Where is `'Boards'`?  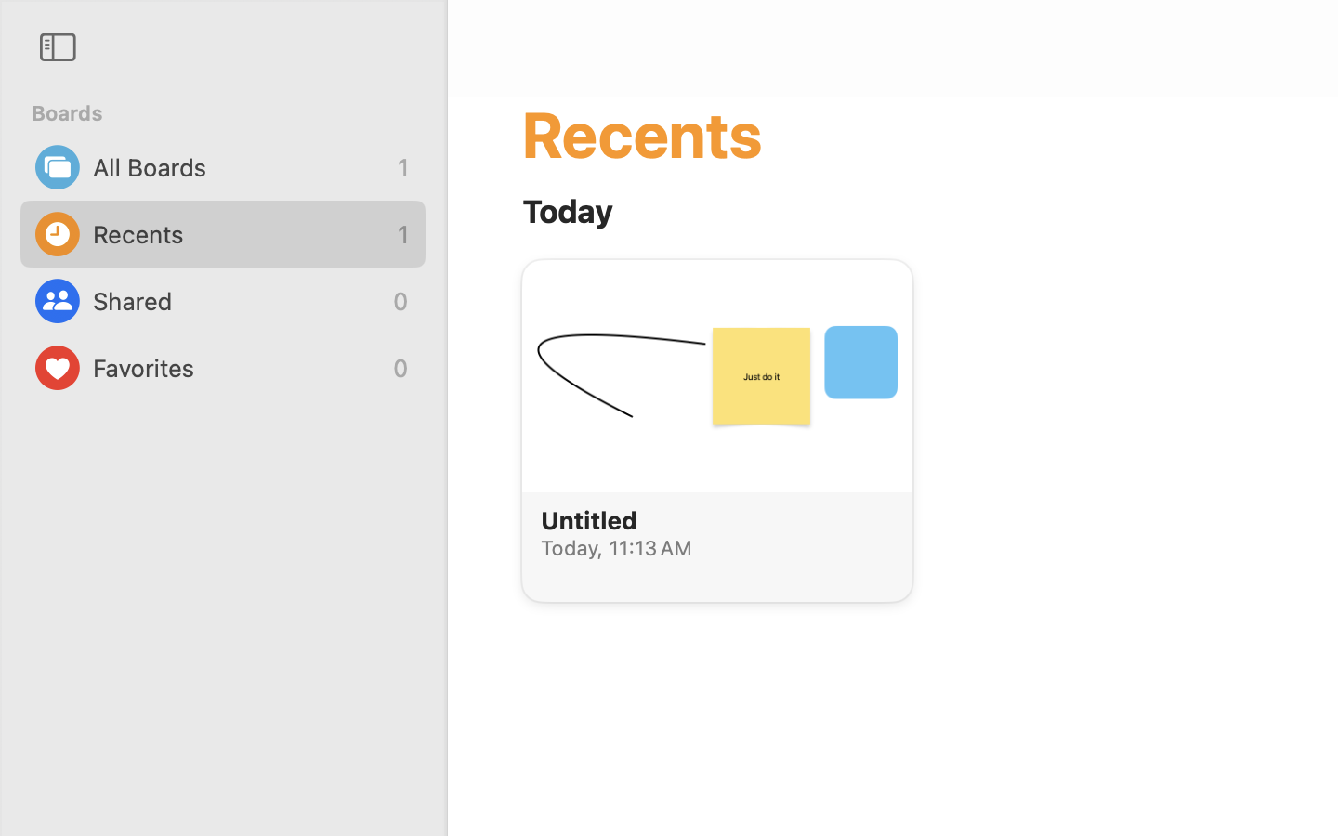
'Boards' is located at coordinates (232, 113).